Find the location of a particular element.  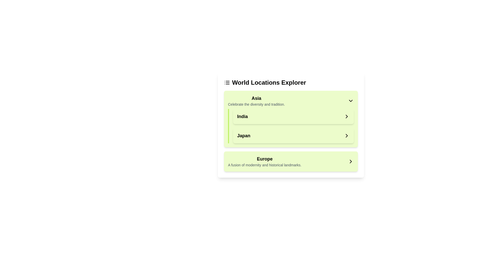

the toggle icon located in the top-right corner of the 'Asia' section is located at coordinates (350, 101).